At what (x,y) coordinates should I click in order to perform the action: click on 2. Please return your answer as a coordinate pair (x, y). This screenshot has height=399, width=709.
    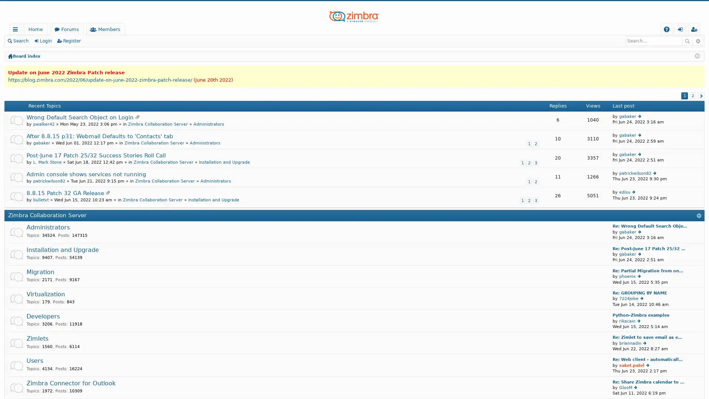
    Looking at the image, I should click on (692, 95).